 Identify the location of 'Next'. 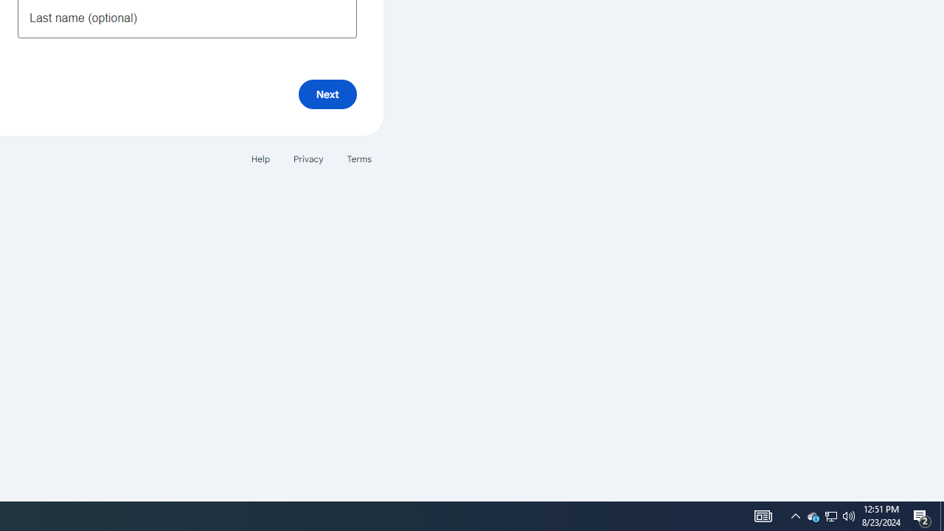
(327, 94).